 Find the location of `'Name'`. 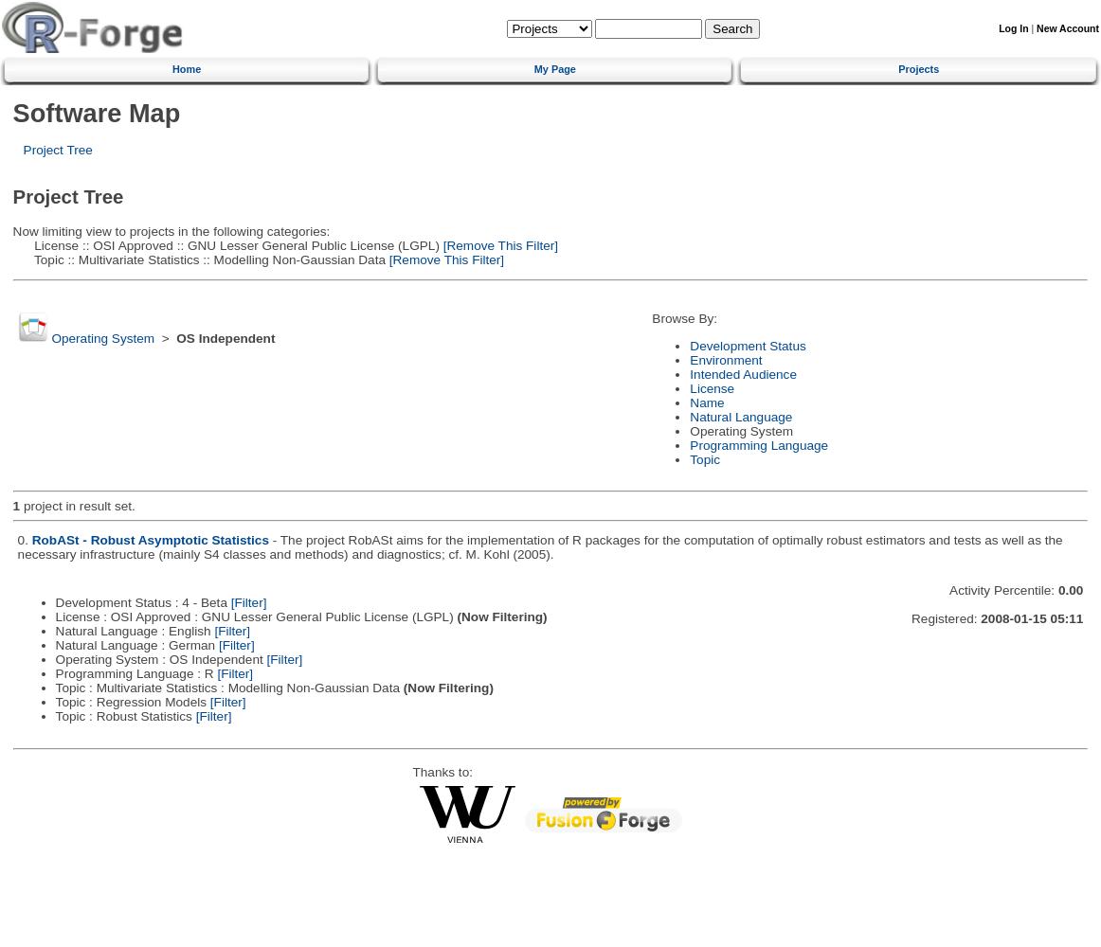

'Name' is located at coordinates (706, 402).